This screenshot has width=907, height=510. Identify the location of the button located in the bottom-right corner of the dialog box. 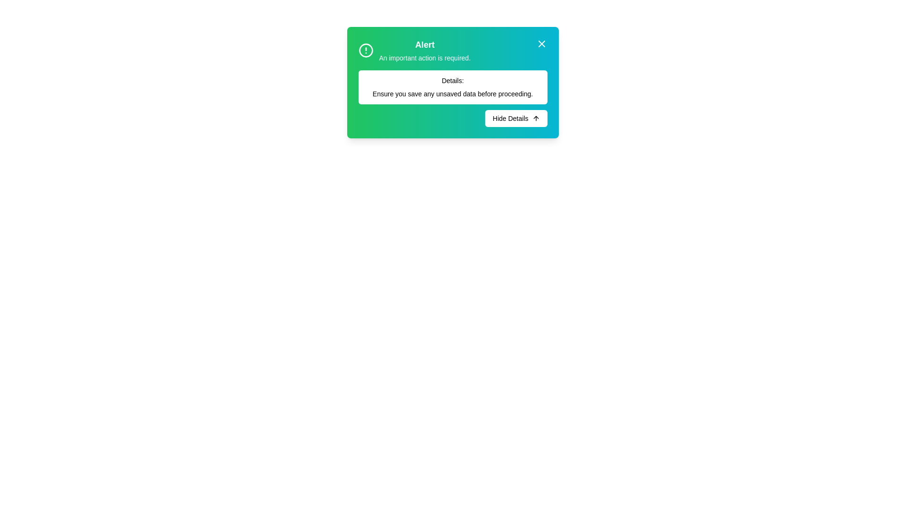
(515, 118).